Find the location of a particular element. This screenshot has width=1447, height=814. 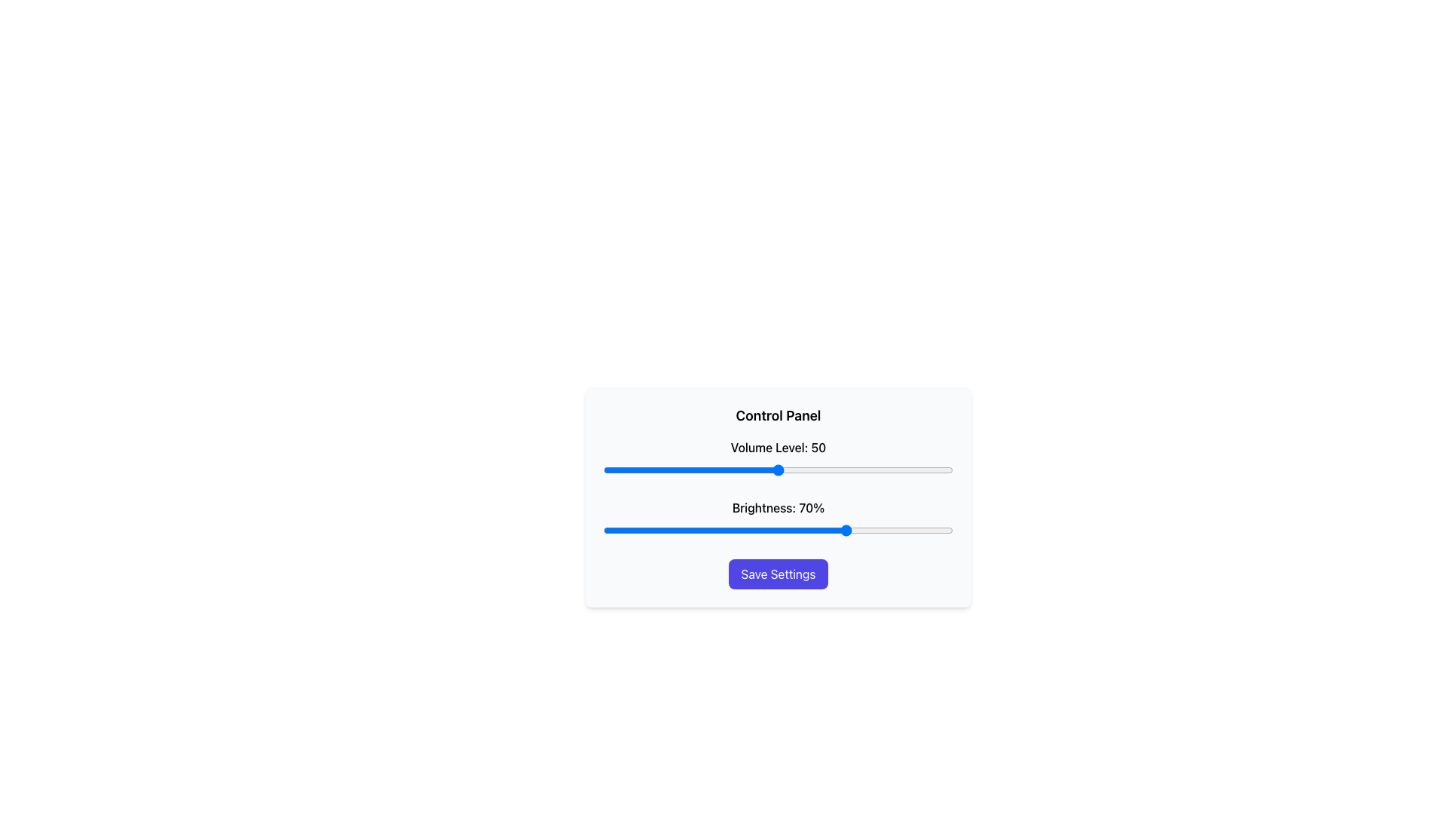

brightness level is located at coordinates (704, 530).